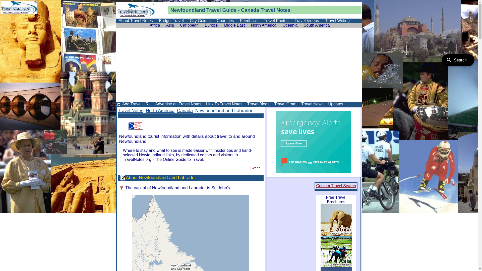 Image resolution: width=482 pixels, height=271 pixels. I want to click on 'Add Travel URL', so click(122, 104).